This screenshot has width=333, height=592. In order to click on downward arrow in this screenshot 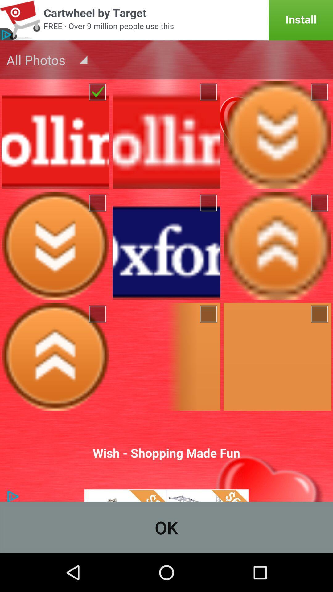, I will do `click(277, 134)`.